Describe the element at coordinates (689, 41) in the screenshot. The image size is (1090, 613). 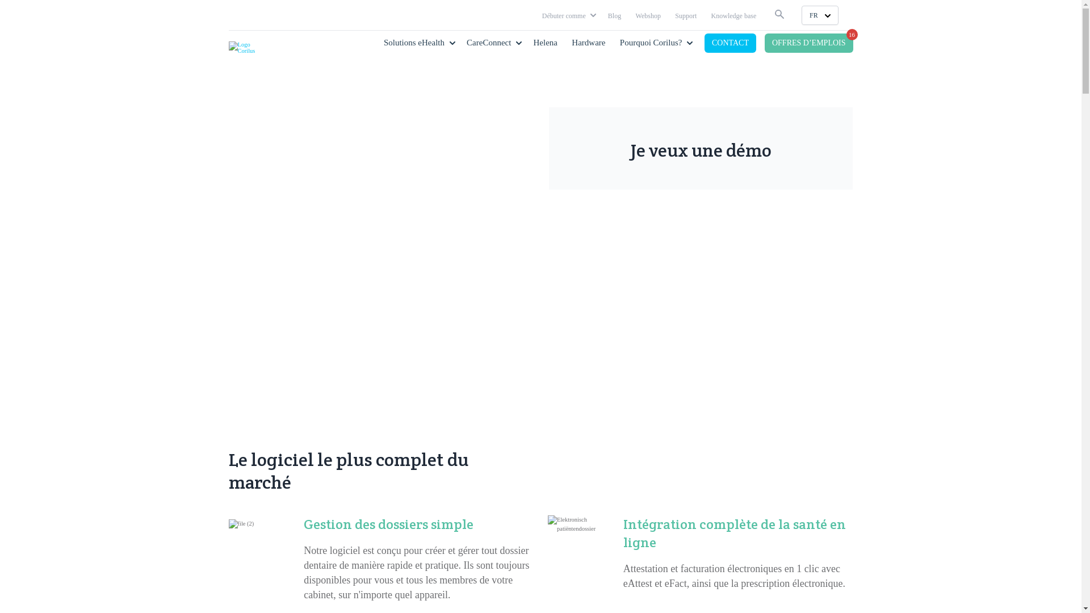
I see `'SHOW SUBMENU FOR POURQUOI CORILUS?'` at that location.